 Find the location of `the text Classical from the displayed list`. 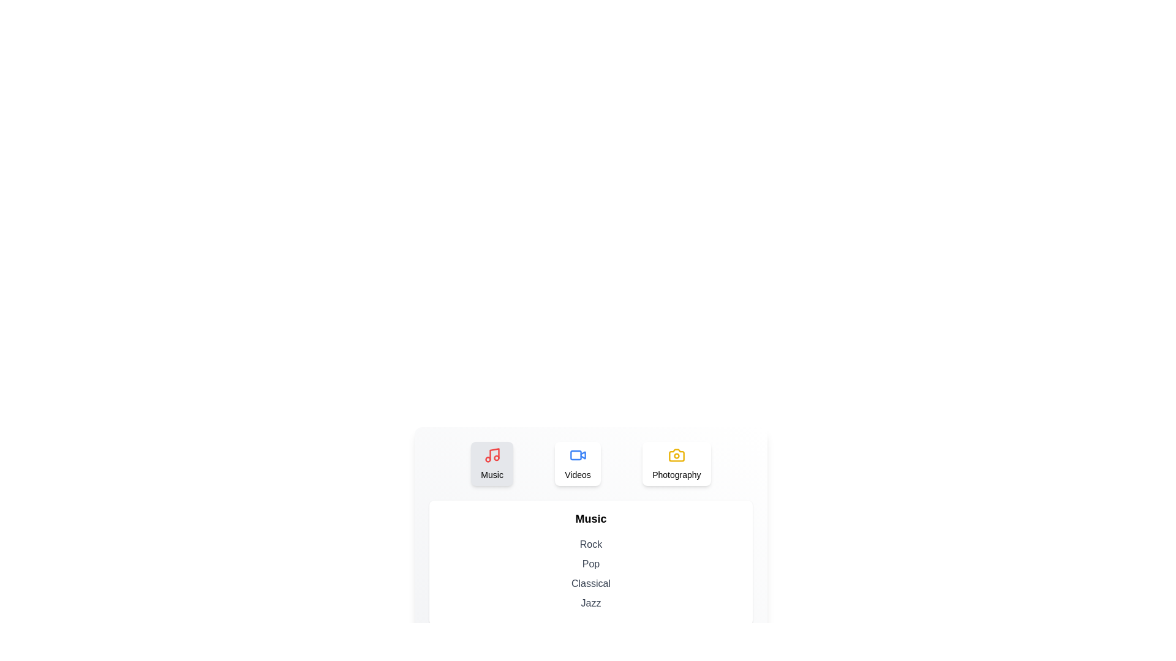

the text Classical from the displayed list is located at coordinates (590, 583).